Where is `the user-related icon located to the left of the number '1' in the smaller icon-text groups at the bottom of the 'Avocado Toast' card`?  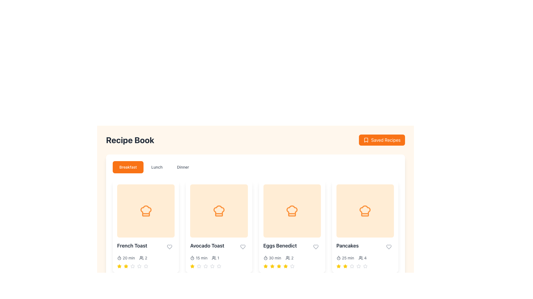 the user-related icon located to the left of the number '1' in the smaller icon-text groups at the bottom of the 'Avocado Toast' card is located at coordinates (214, 258).